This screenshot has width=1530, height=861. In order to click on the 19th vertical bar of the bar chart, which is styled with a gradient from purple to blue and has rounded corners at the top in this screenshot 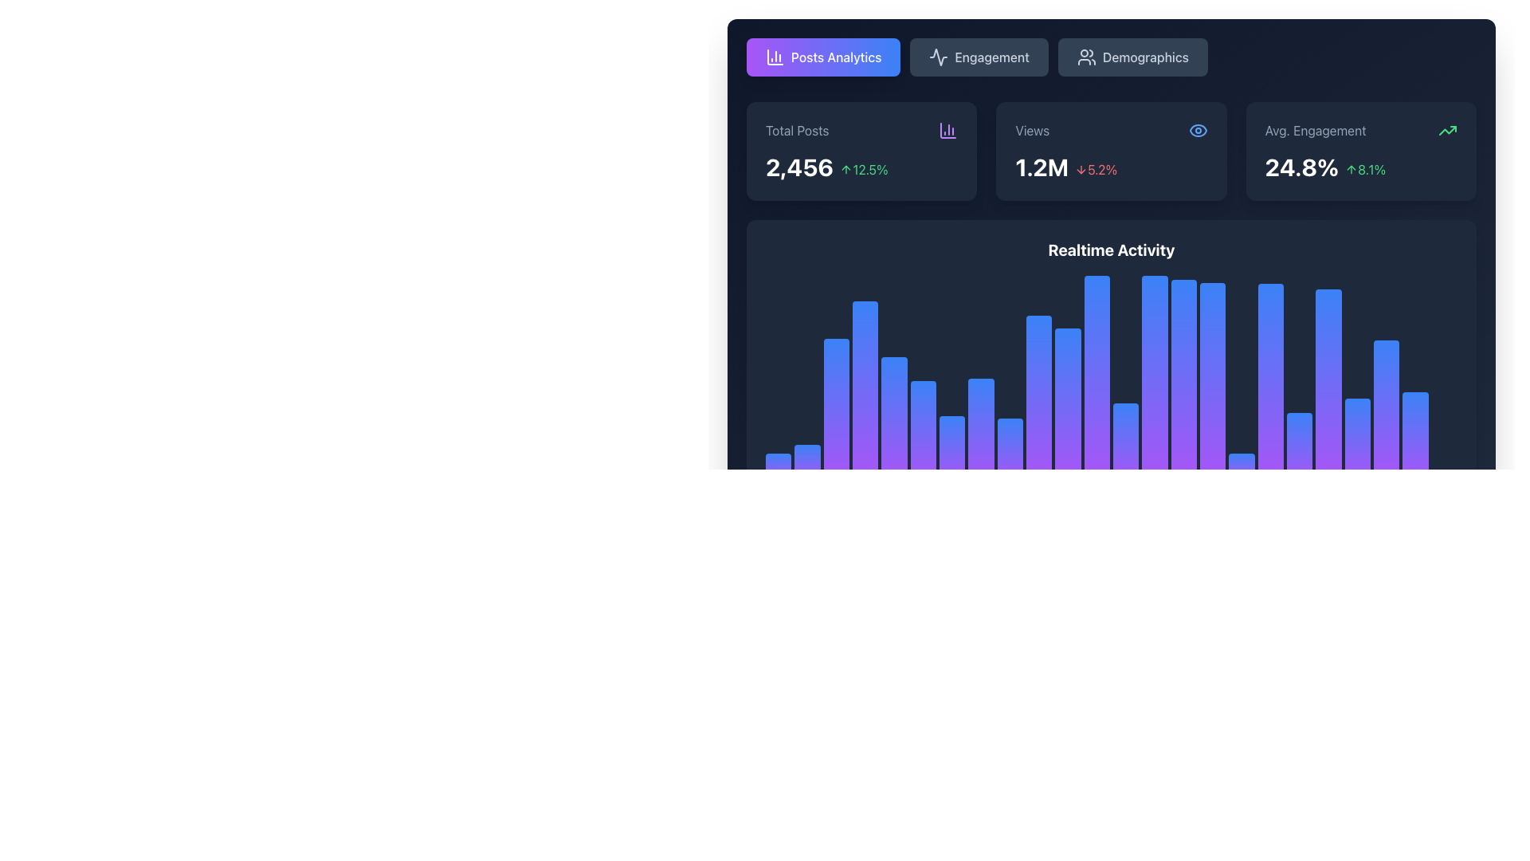, I will do `click(1300, 395)`.